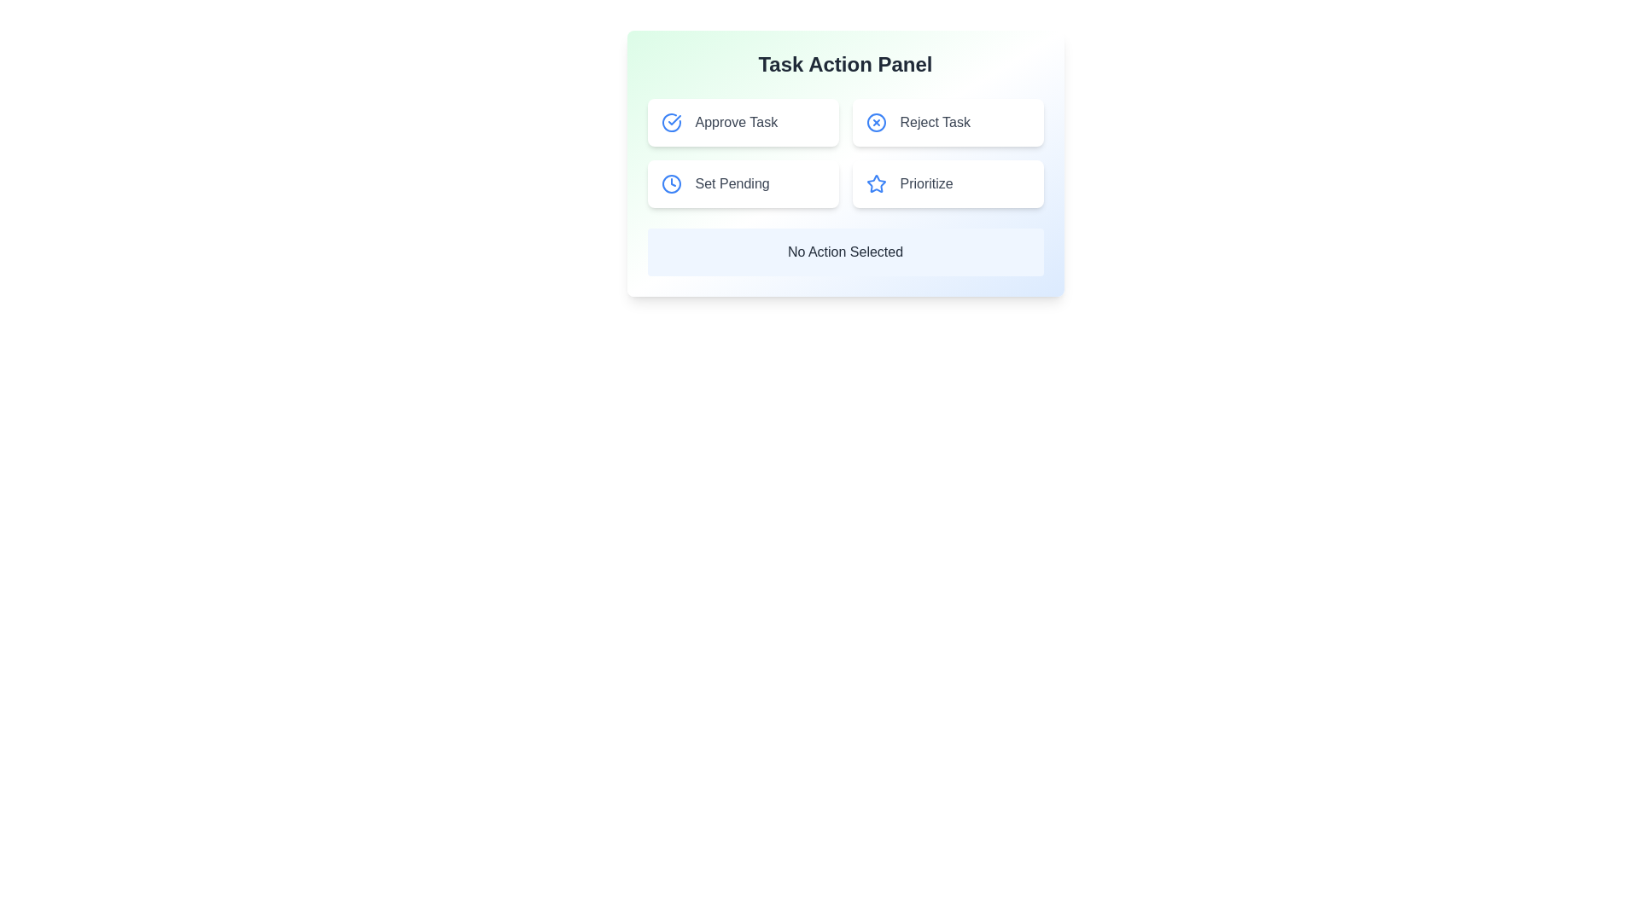 The image size is (1639, 921). What do you see at coordinates (674, 119) in the screenshot?
I see `the checkmark icon within the 'Approve Task' button located in the top-left section of the interface` at bounding box center [674, 119].